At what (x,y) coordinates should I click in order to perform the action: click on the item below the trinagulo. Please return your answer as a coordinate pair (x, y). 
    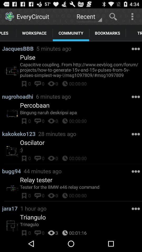
    Looking at the image, I should click on (57, 232).